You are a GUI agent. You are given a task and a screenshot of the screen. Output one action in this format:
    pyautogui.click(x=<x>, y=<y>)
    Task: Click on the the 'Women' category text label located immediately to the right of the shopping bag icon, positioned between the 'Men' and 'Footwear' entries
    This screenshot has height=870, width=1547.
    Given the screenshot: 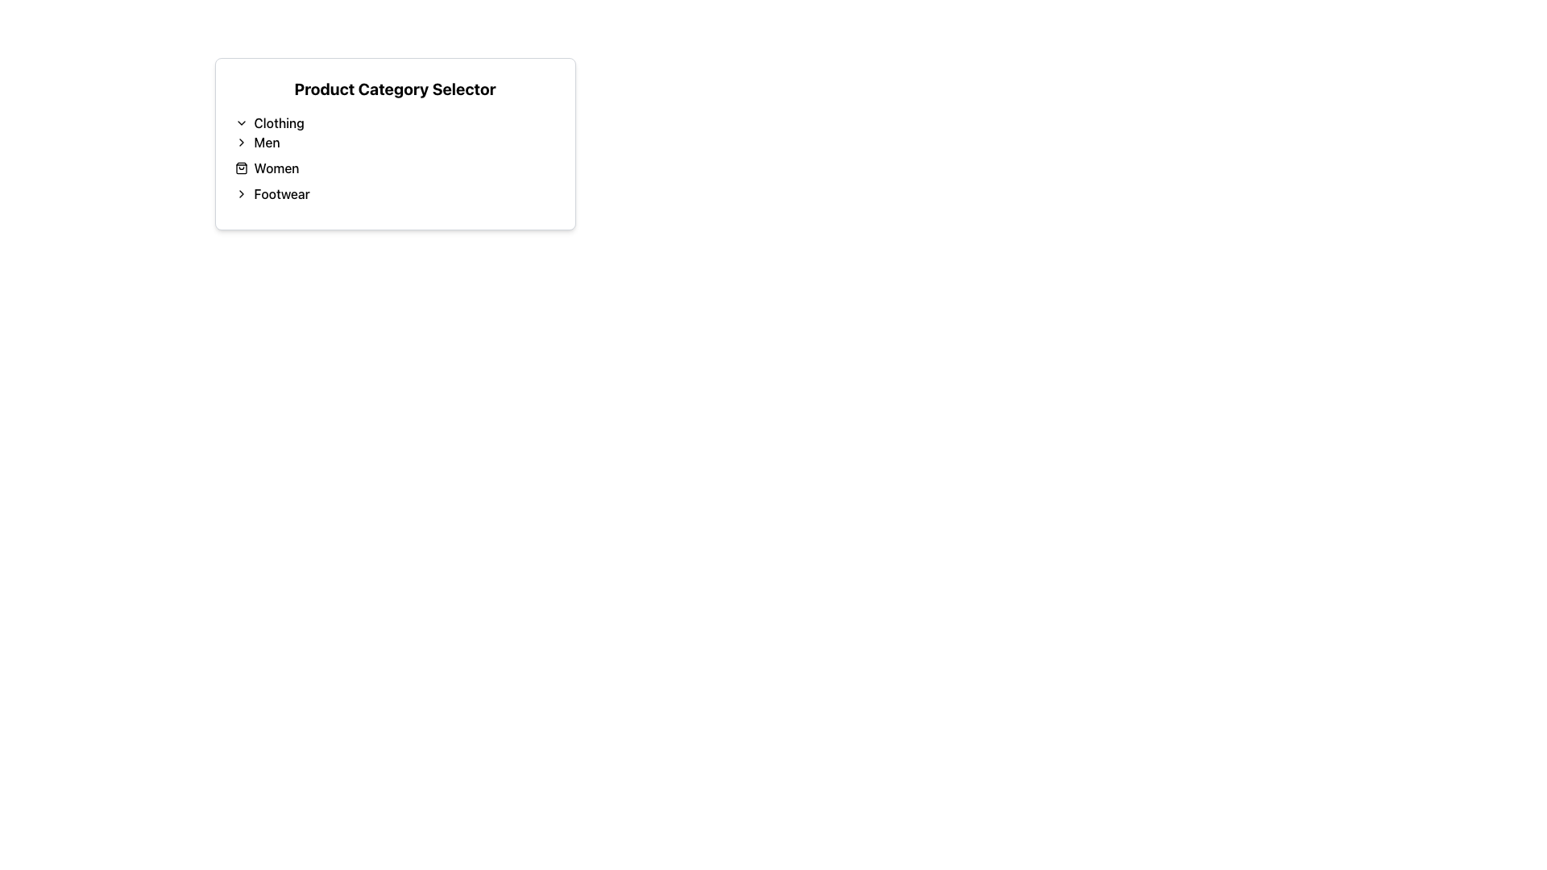 What is the action you would take?
    pyautogui.click(x=276, y=168)
    